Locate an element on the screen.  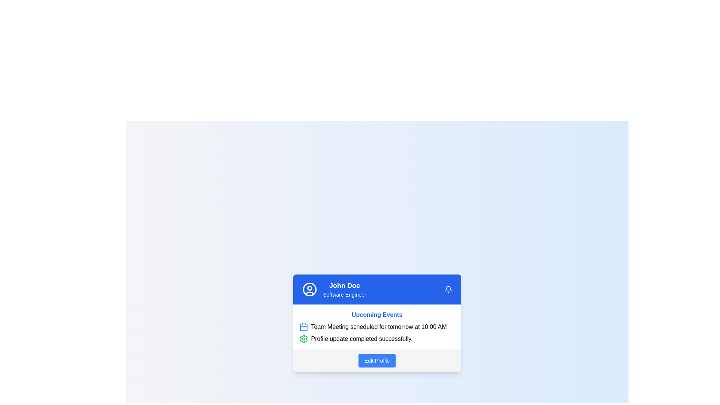
the notification bell icon located in the user profile section, which is part of a composite bell-shaped icon situated to the right of the text 'John Doe' and 'Software Engineer' is located at coordinates (448, 288).